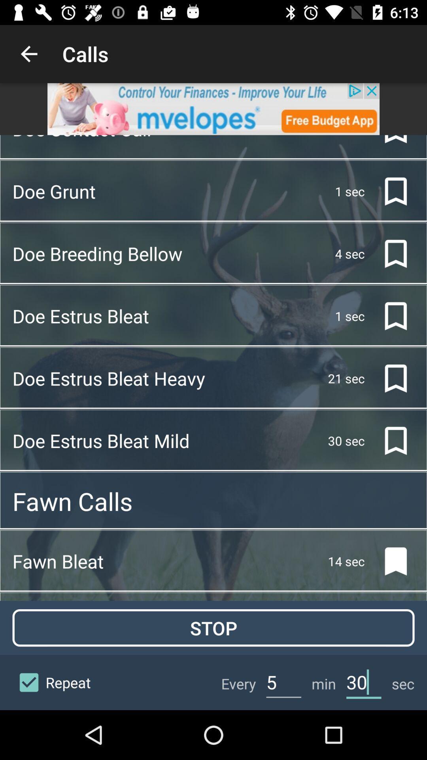 Image resolution: width=427 pixels, height=760 pixels. What do you see at coordinates (389, 191) in the screenshot?
I see `the bookmark icon` at bounding box center [389, 191].